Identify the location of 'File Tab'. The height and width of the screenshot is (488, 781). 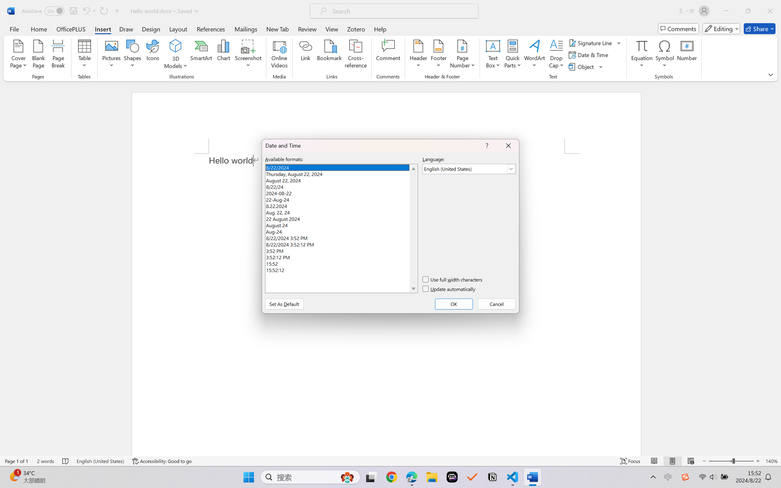
(14, 28).